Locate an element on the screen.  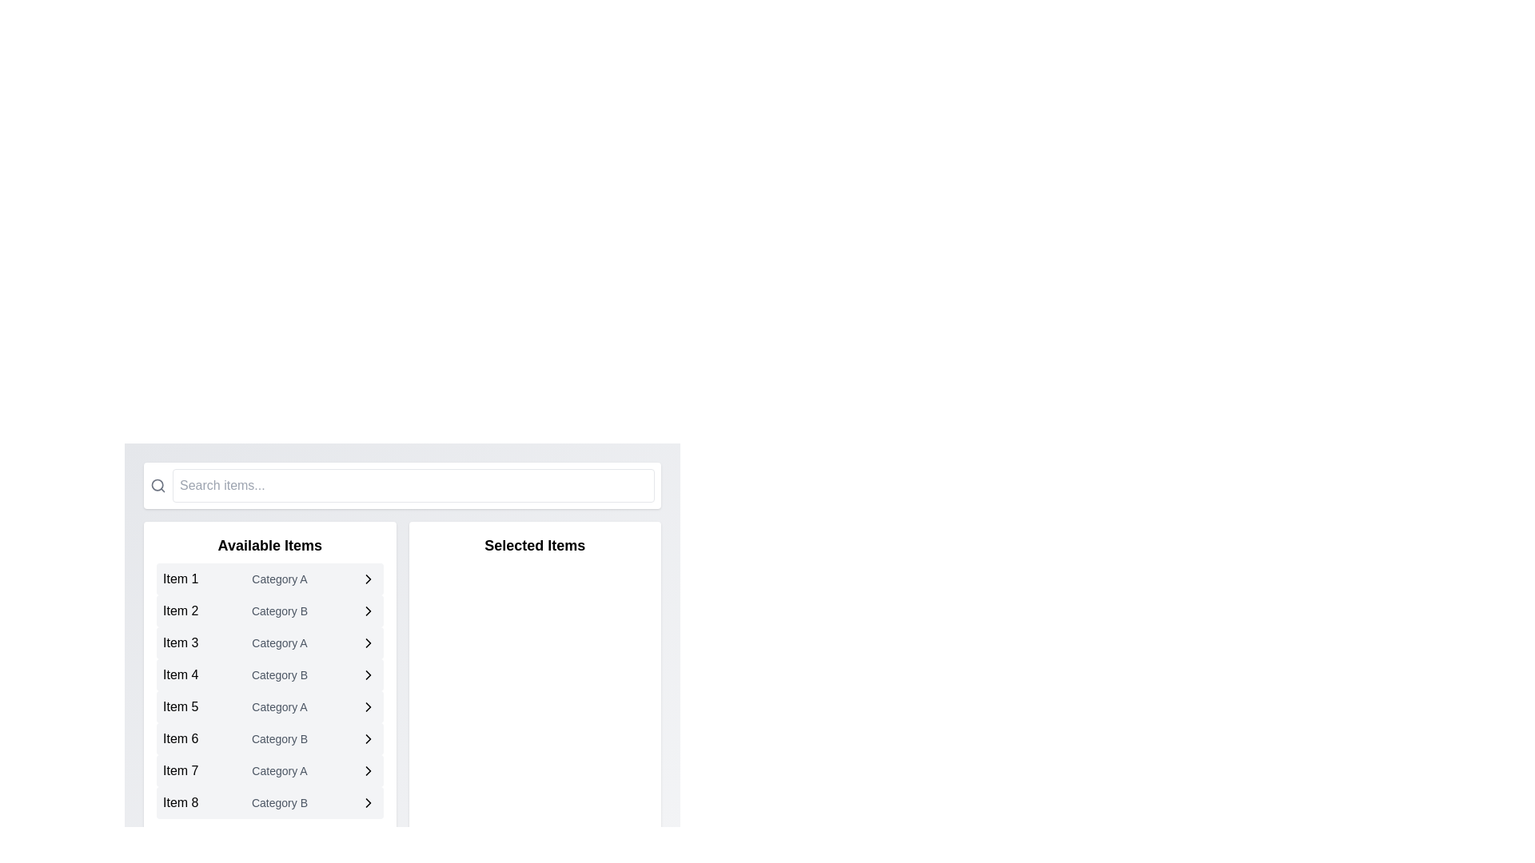
the navigable icon located at the far right of the row 'Item 2 Category B', indicating that the row can be clicked or expanded for further details is located at coordinates (368, 610).